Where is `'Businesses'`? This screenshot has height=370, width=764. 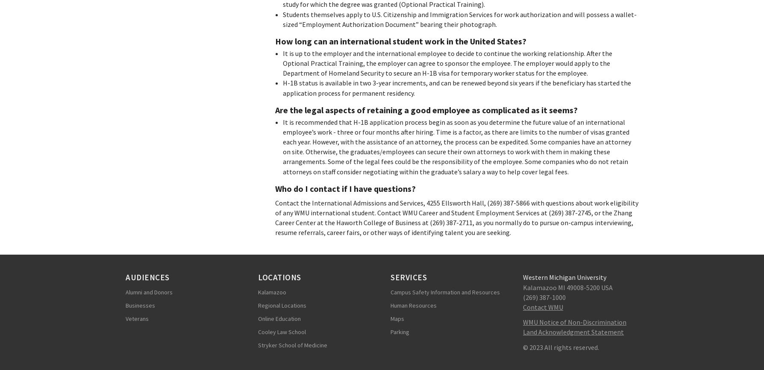 'Businesses' is located at coordinates (140, 305).